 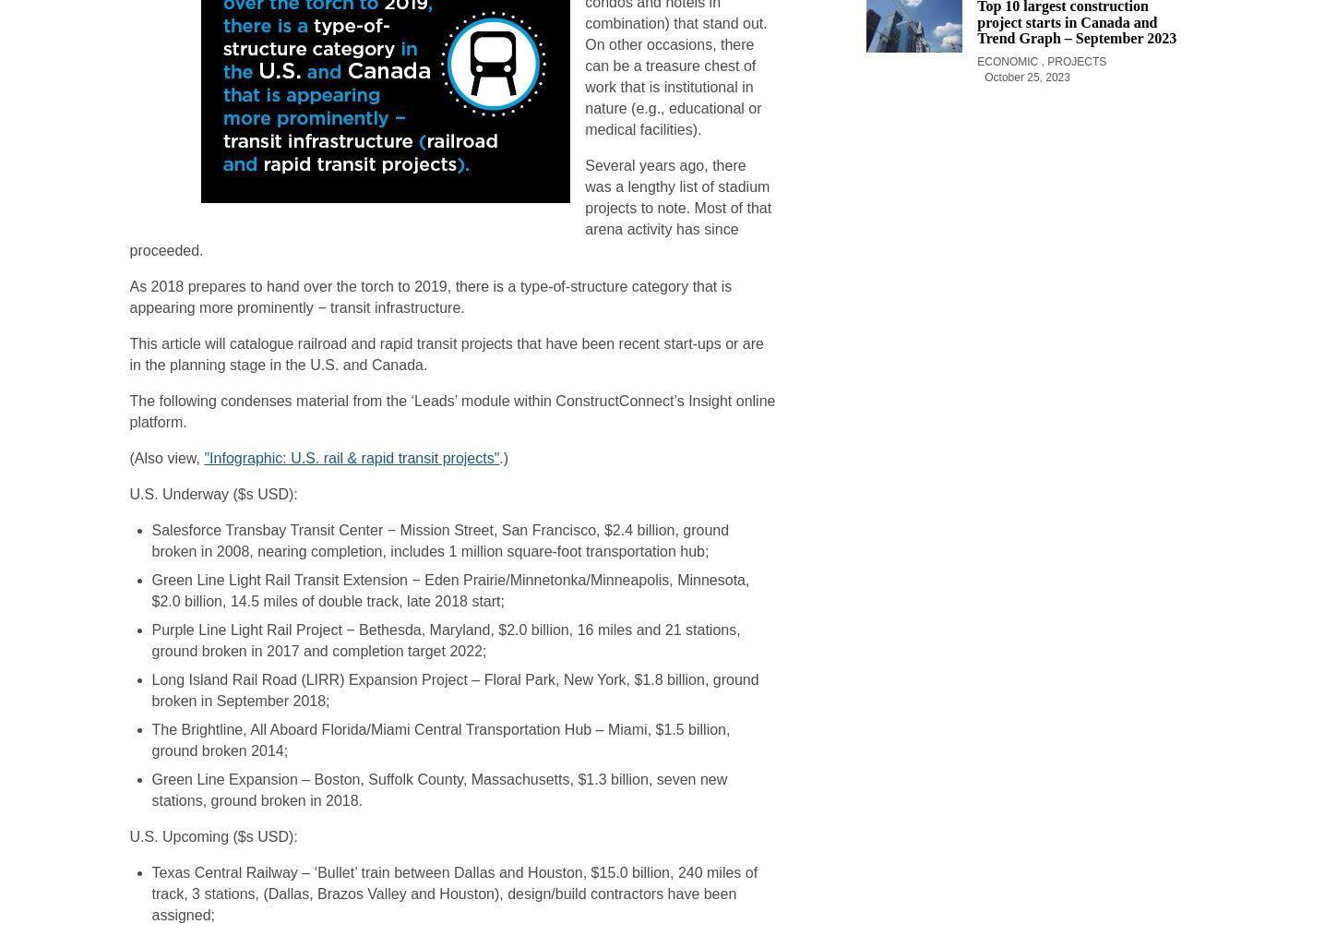 What do you see at coordinates (454, 894) in the screenshot?
I see `'Texas  Central Railway – ‘Bullet’ train between Dallas and Houston, $15.0 billion, 240  miles of track, 3 stations, (Dallas, Brazos Valley and Houston), design/build  contractors have been assigned;'` at bounding box center [454, 894].